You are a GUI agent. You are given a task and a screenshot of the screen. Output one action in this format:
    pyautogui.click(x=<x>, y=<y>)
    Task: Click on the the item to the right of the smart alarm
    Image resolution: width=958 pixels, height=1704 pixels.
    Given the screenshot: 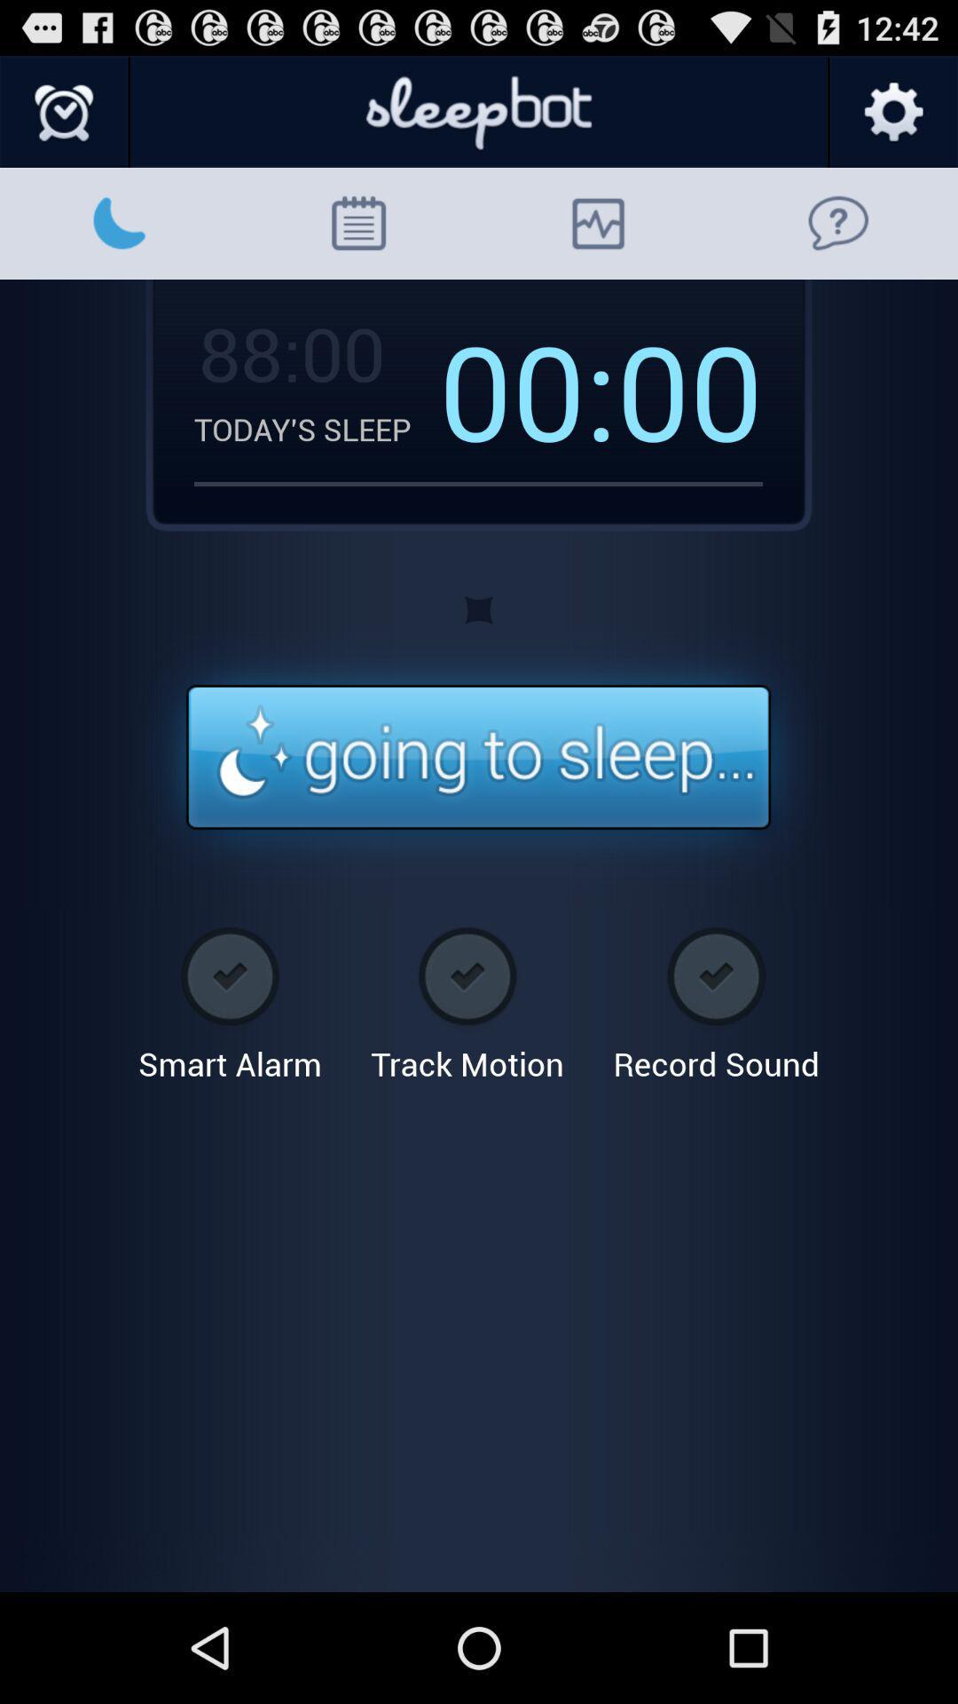 What is the action you would take?
    pyautogui.click(x=467, y=998)
    